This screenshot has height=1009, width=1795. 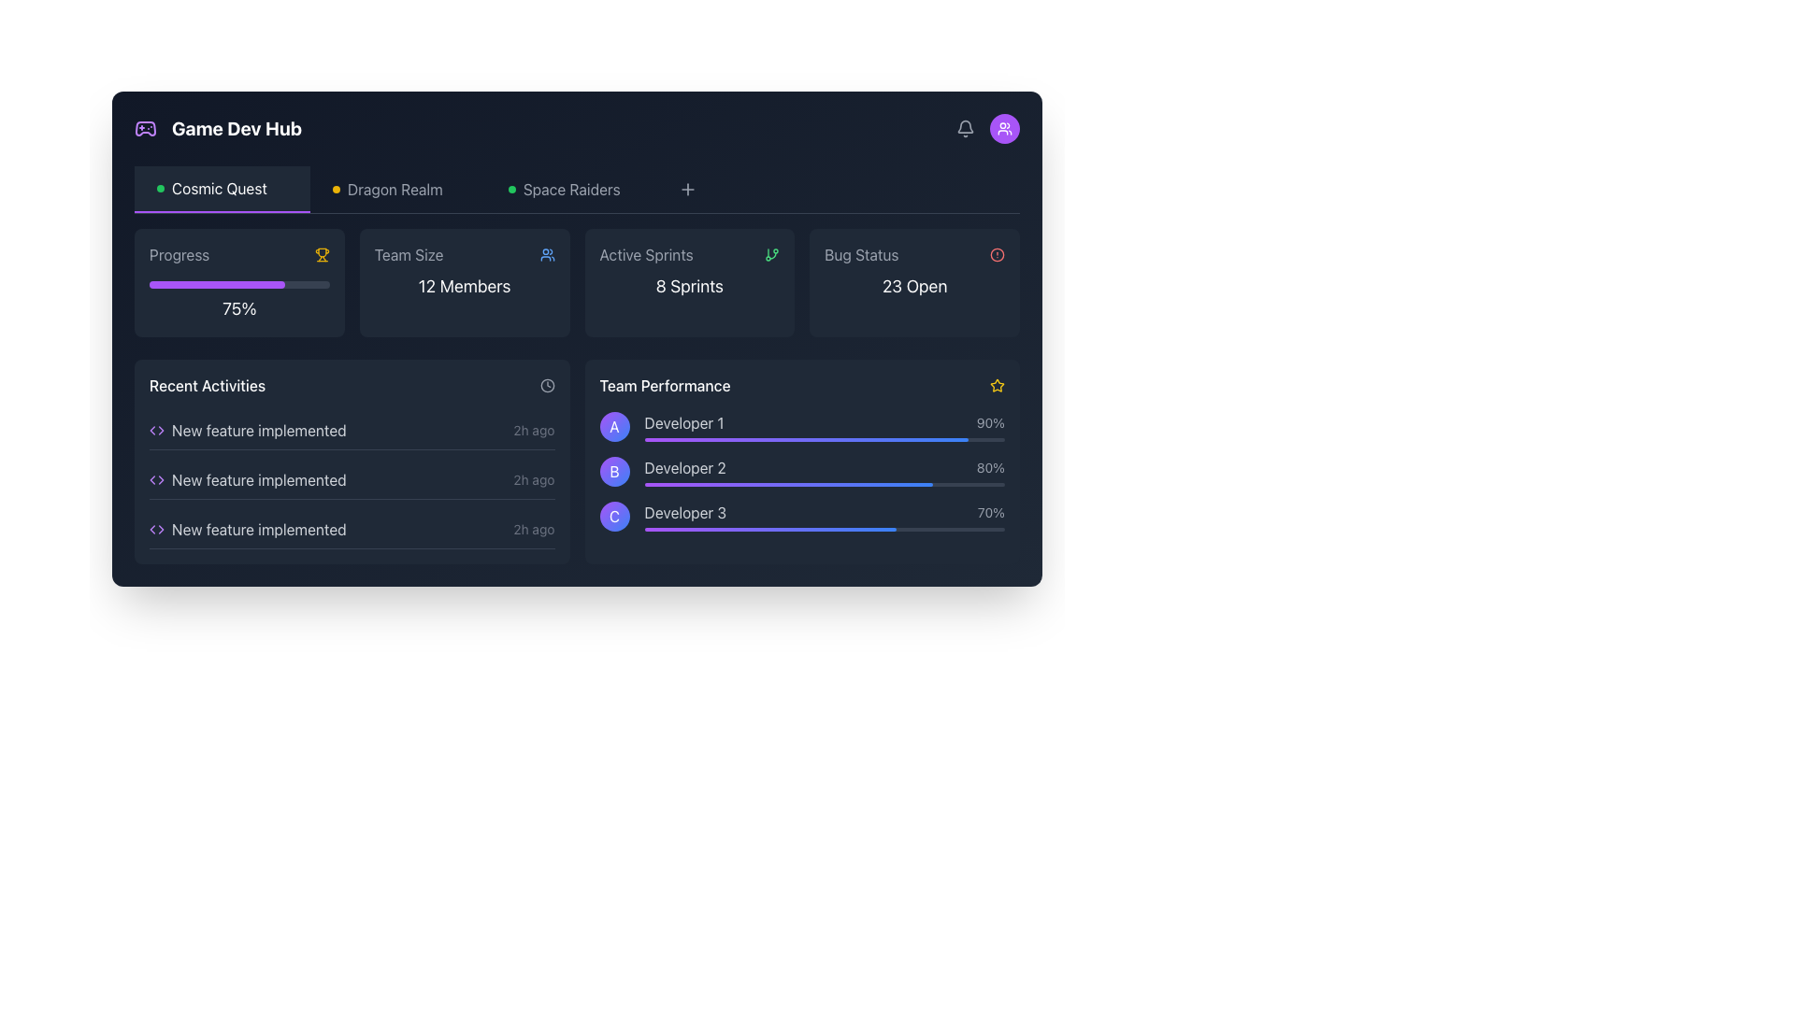 I want to click on the static text label 'New feature implemented' with the accompanying purple code icon, located as the third item in the 'Recent Activities' list, so click(x=247, y=530).